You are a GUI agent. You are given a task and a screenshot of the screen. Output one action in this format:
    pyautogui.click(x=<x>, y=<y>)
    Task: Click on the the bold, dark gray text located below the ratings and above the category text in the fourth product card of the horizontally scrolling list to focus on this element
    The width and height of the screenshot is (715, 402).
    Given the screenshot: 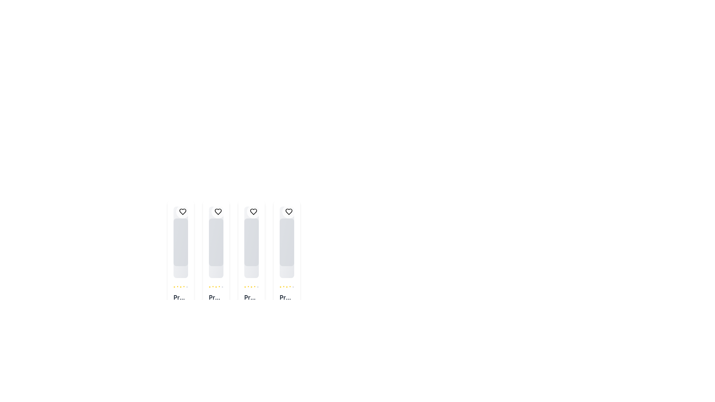 What is the action you would take?
    pyautogui.click(x=286, y=297)
    